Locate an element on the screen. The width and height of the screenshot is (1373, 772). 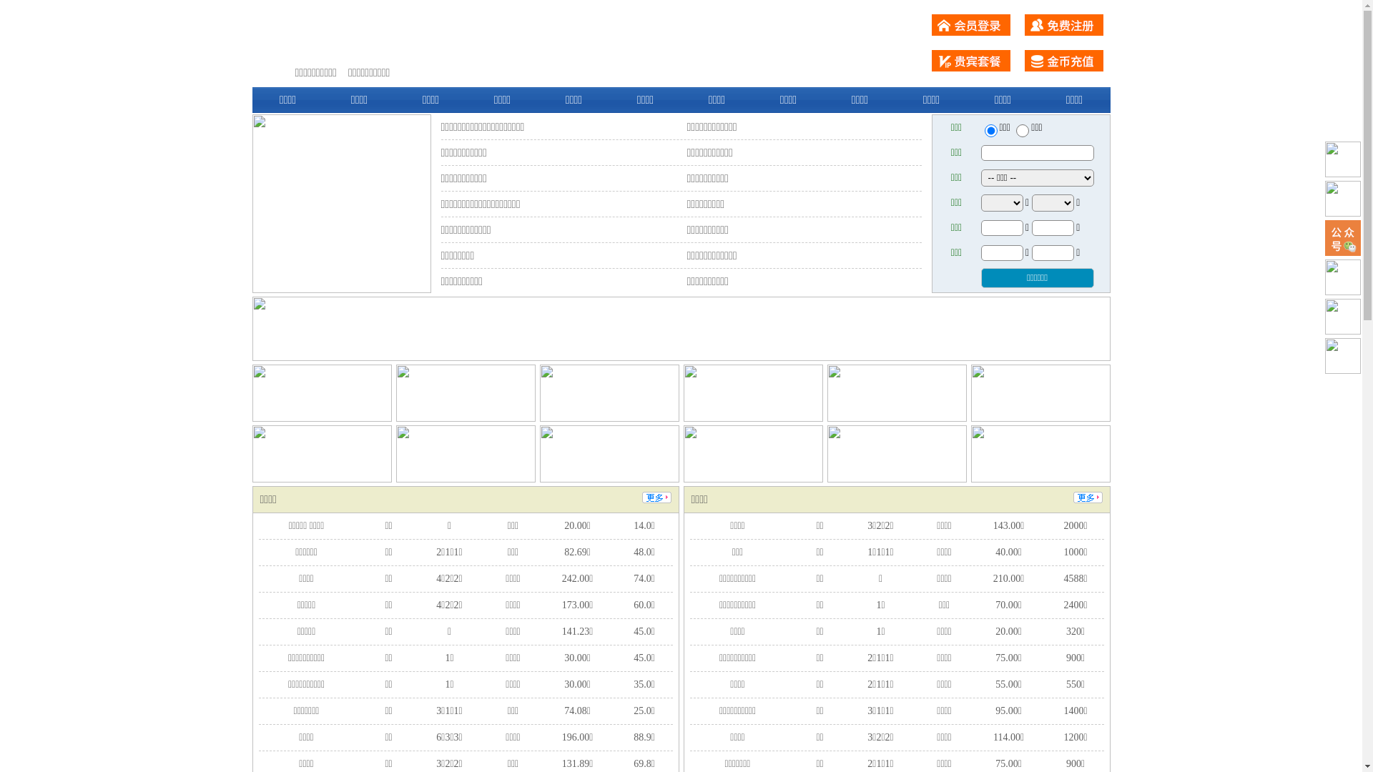
'chuzu' is located at coordinates (1022, 130).